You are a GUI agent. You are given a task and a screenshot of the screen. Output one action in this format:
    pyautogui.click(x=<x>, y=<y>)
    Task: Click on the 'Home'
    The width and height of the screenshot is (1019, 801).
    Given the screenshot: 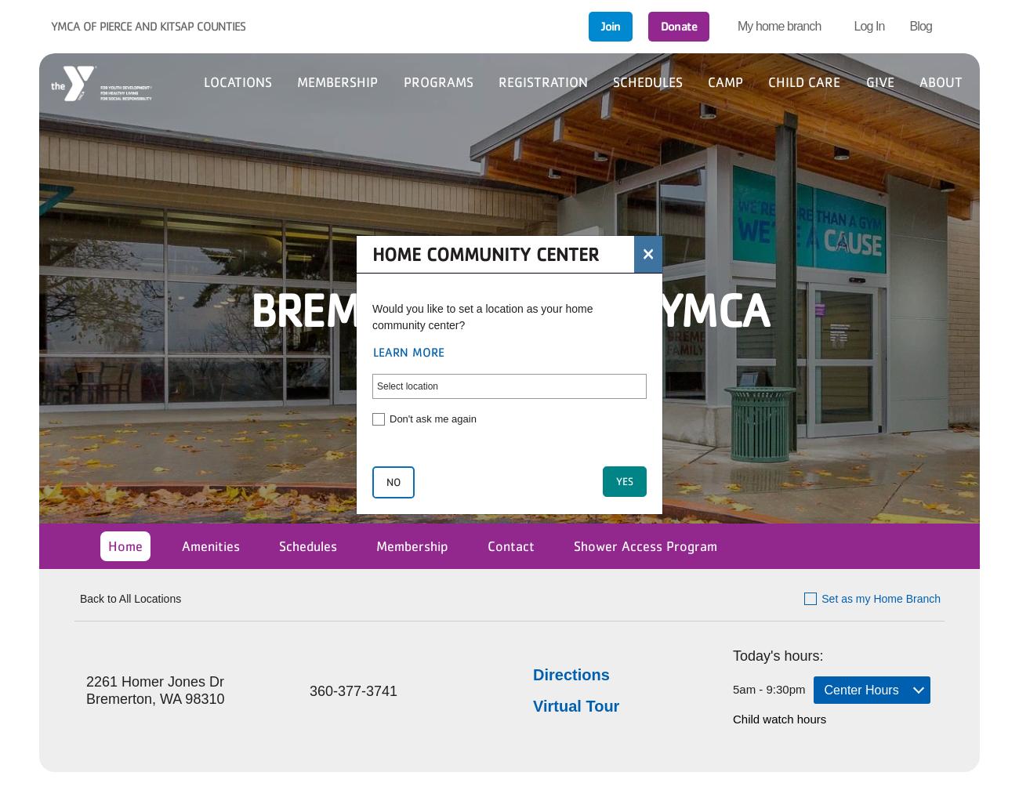 What is the action you would take?
    pyautogui.click(x=125, y=545)
    